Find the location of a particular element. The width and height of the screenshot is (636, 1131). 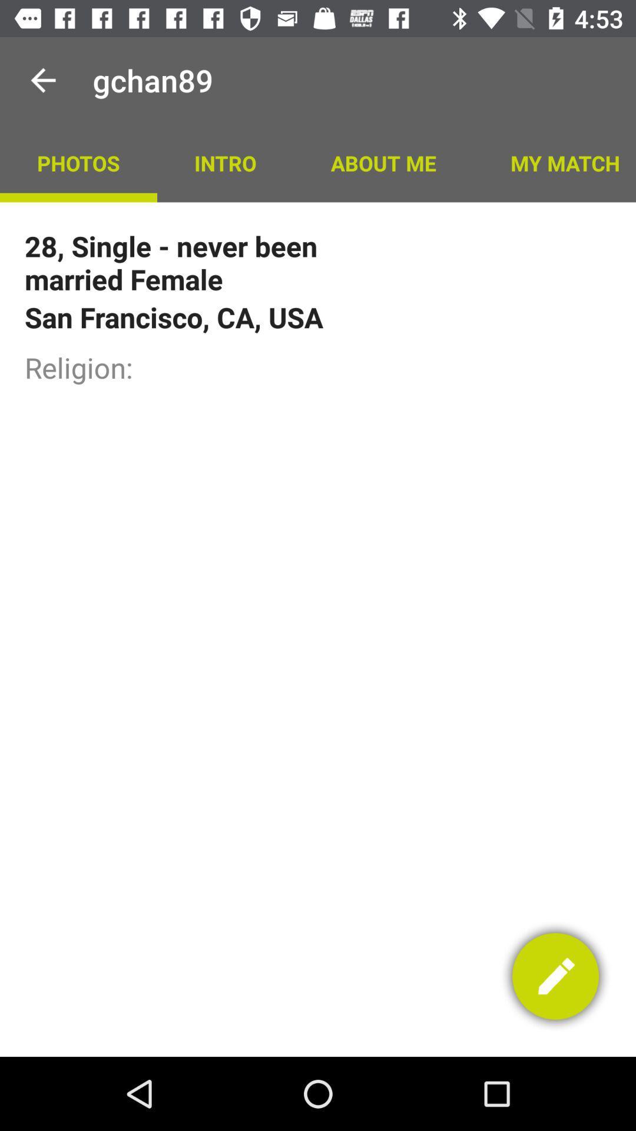

item next to the gchan89 item is located at coordinates (42, 80).